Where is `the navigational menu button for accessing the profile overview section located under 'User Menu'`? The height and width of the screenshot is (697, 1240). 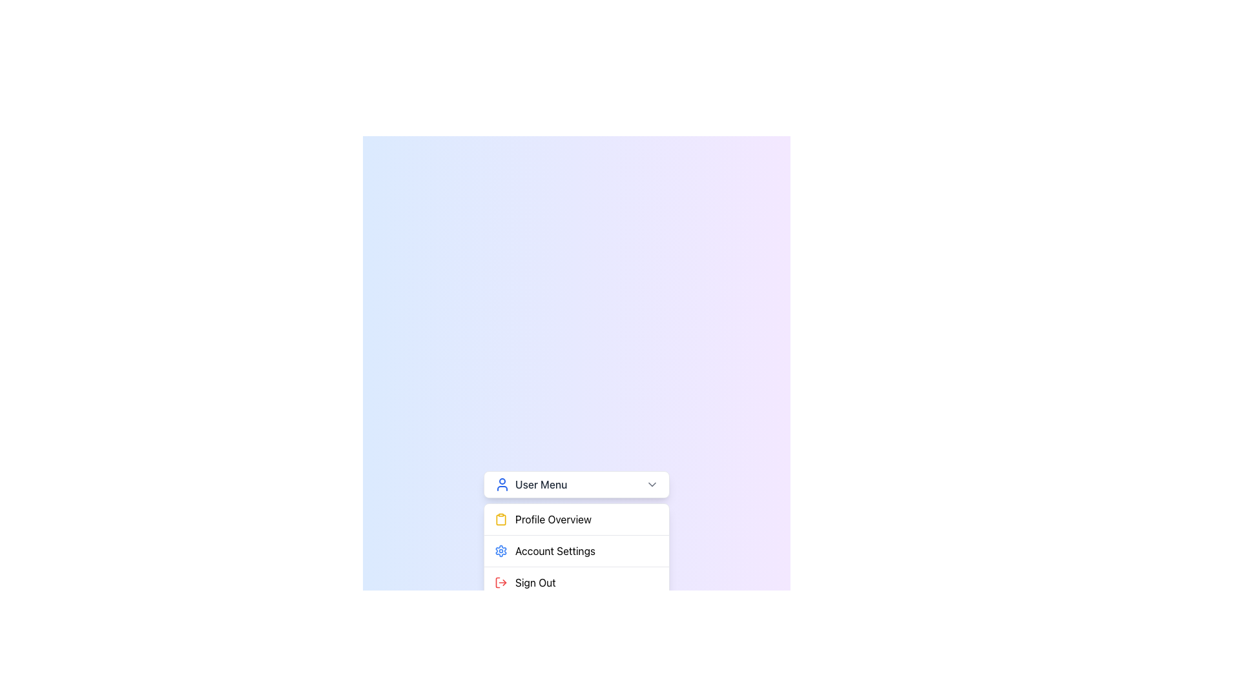
the navigational menu button for accessing the profile overview section located under 'User Menu' is located at coordinates (575, 519).